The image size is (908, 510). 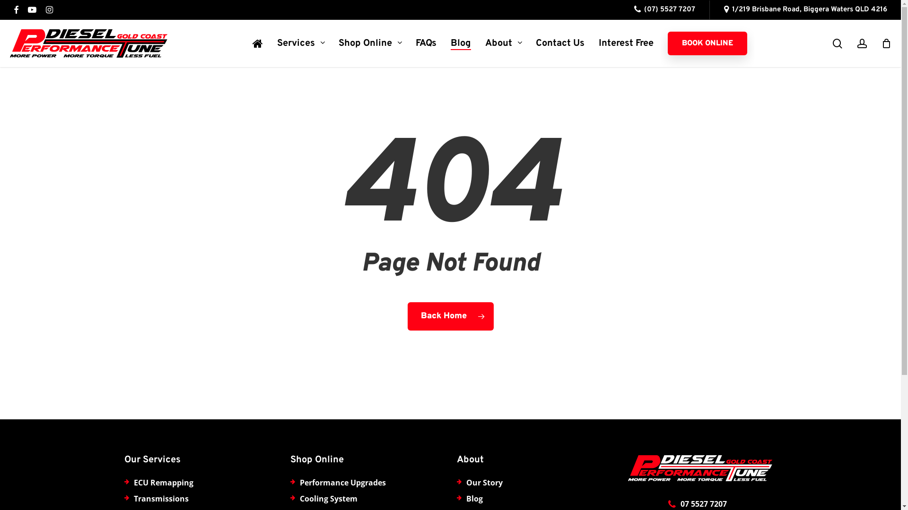 I want to click on 'Back Home', so click(x=450, y=316).